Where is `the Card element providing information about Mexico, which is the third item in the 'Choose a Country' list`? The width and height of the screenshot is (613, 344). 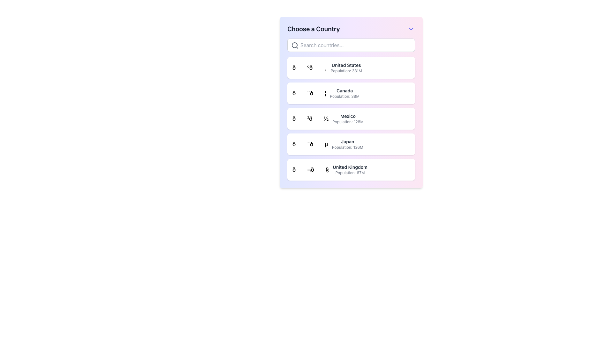 the Card element providing information about Mexico, which is the third item in the 'Choose a Country' list is located at coordinates (351, 119).